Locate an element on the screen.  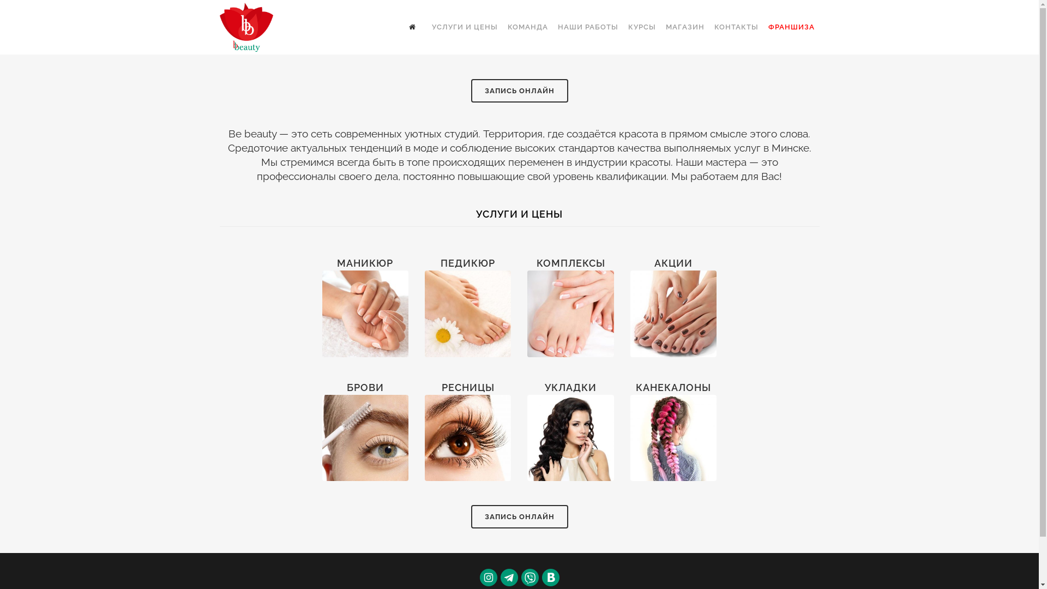
' ' is located at coordinates (402, 27).